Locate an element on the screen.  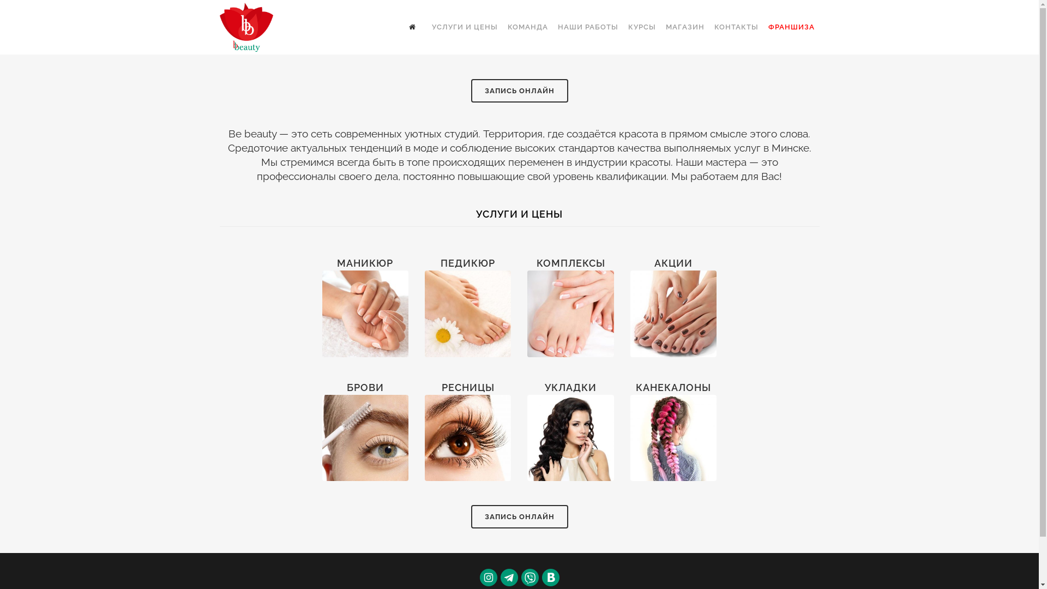
' ' is located at coordinates (402, 27).